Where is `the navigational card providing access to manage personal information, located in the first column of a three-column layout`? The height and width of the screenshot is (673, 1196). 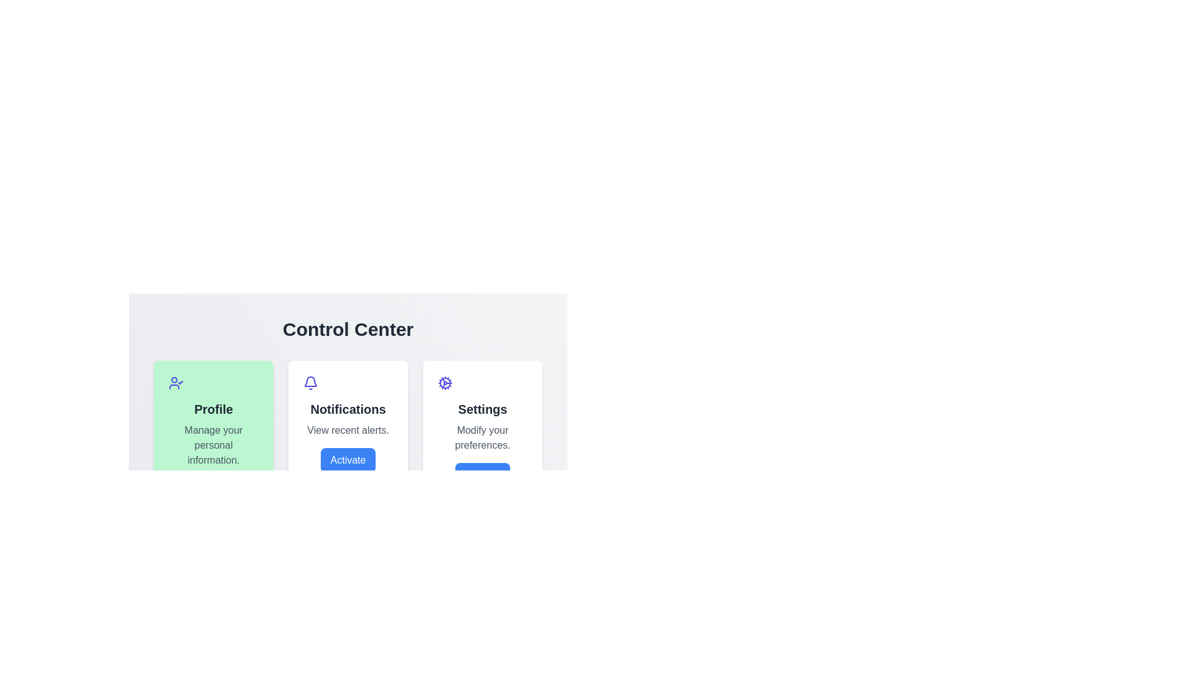 the navigational card providing access to manage personal information, located in the first column of a three-column layout is located at coordinates (213, 439).